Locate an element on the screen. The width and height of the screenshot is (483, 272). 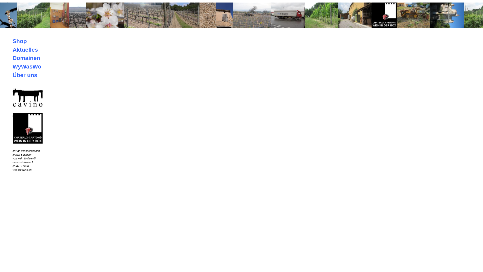
'Aktuelles' is located at coordinates (25, 49).